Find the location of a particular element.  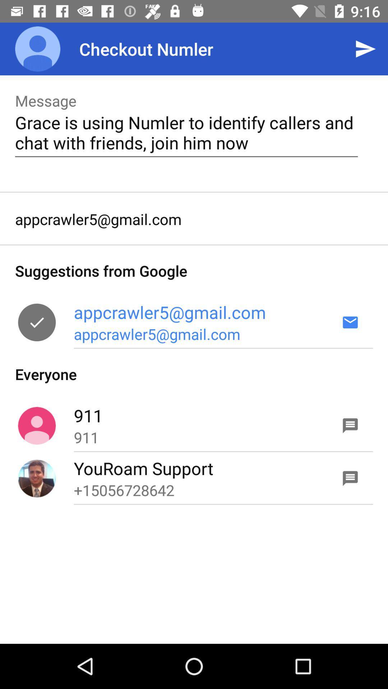

app to the left of the checkout numler is located at coordinates (37, 48).